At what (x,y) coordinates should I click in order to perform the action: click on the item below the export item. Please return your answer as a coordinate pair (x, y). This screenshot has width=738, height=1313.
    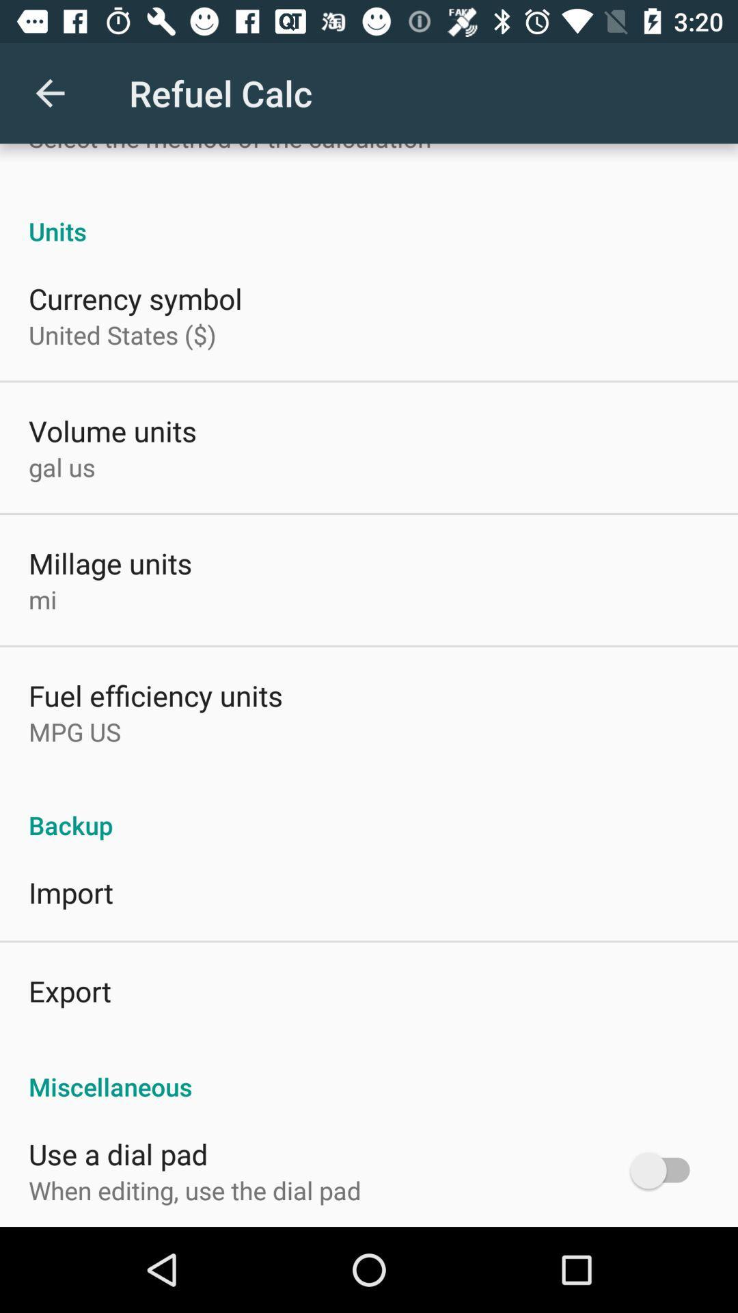
    Looking at the image, I should click on (369, 1072).